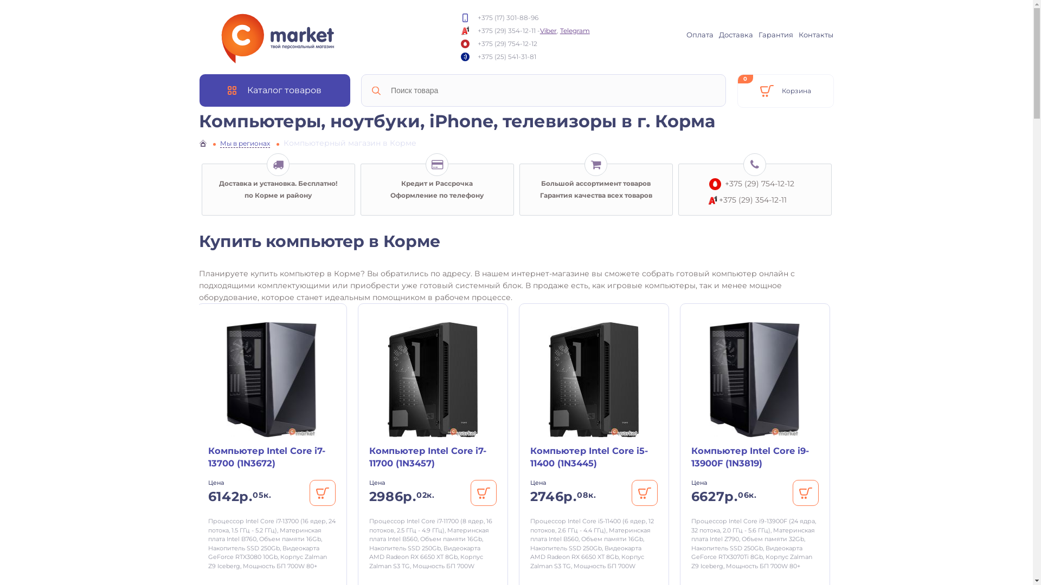 The height and width of the screenshot is (585, 1041). I want to click on 'Viber', so click(548, 29).